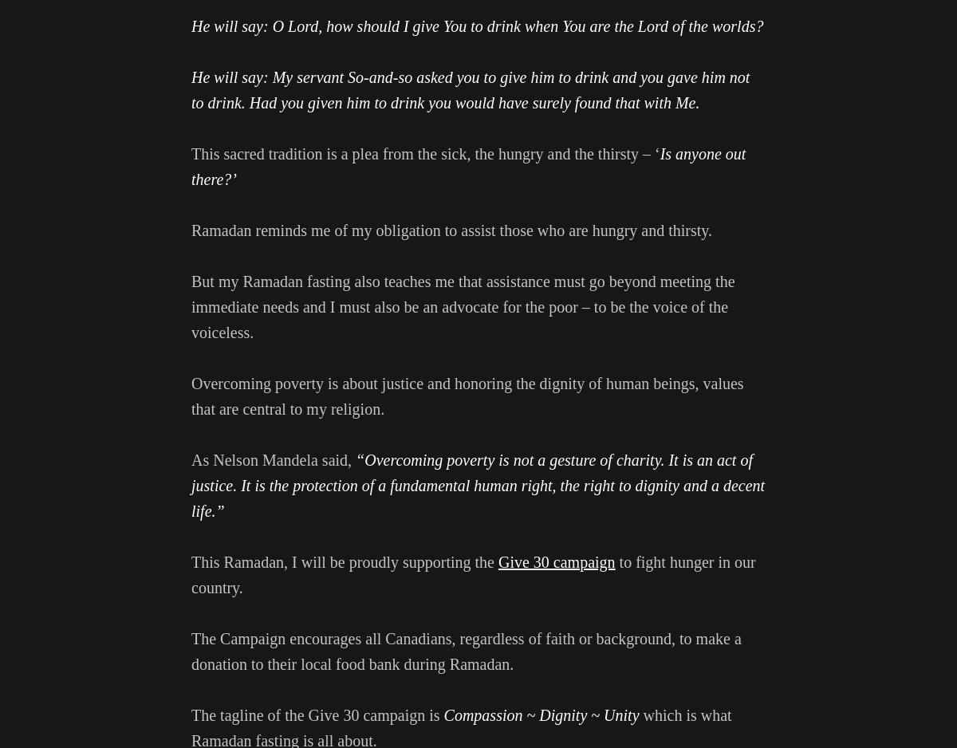 This screenshot has height=748, width=957. What do you see at coordinates (424, 153) in the screenshot?
I see `'This sacred tradition is a plea from the sick, the hungry and the thirsty – ‘'` at bounding box center [424, 153].